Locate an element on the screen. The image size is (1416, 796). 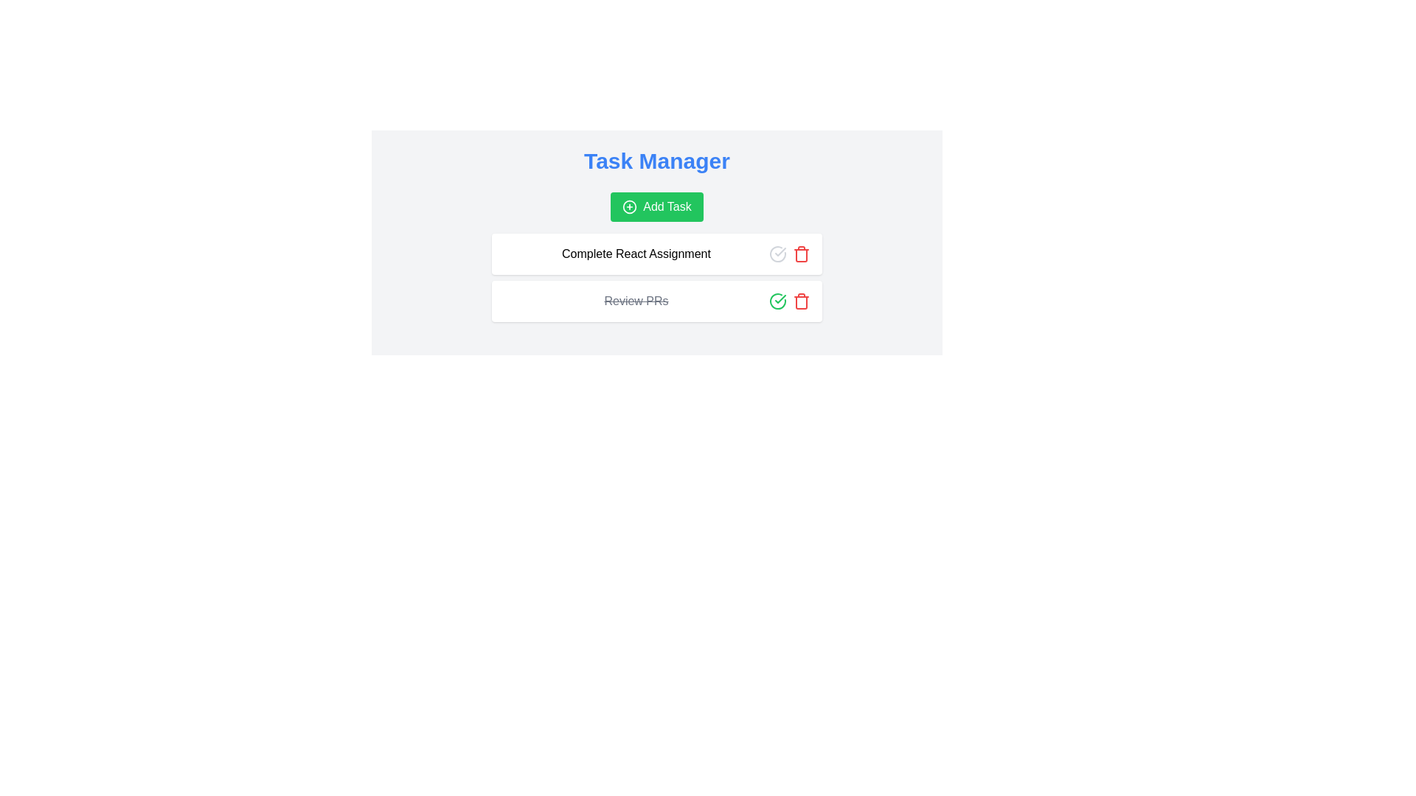
the 'Add Task' button, which is visually distinct with a green background and a white plus icon is located at coordinates (656, 207).